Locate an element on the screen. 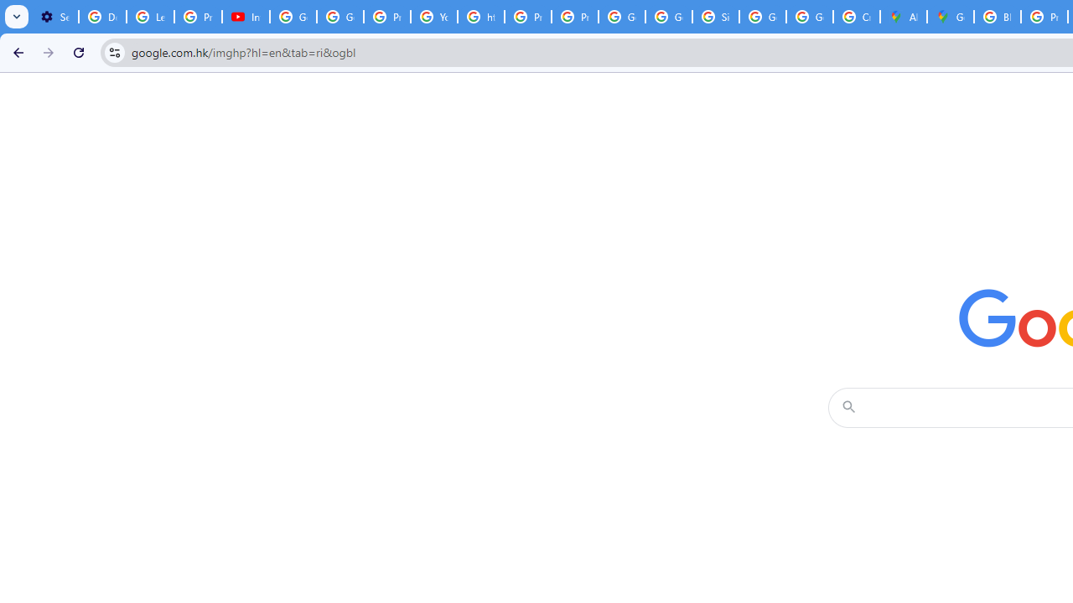 The width and height of the screenshot is (1073, 603). 'Settings - Customize profile' is located at coordinates (54, 17).